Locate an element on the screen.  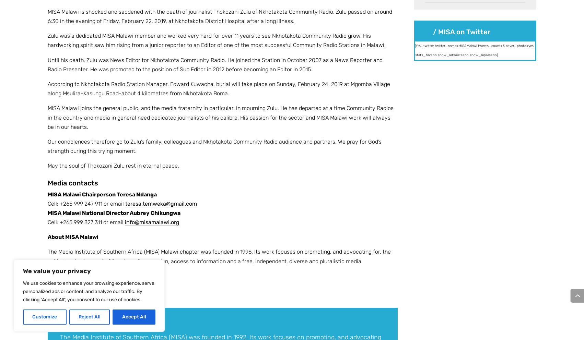
'We use cookies to enhance your browsing experience, serve personalized ads or content, and analyze our traffic. By clicking "Accept All", you consent to our use of cookies.' is located at coordinates (88, 291).